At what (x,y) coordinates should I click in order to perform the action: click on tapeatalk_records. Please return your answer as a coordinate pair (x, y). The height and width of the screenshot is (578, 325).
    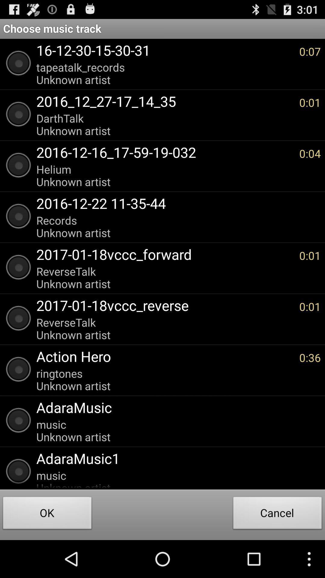
    Looking at the image, I should click on (165, 73).